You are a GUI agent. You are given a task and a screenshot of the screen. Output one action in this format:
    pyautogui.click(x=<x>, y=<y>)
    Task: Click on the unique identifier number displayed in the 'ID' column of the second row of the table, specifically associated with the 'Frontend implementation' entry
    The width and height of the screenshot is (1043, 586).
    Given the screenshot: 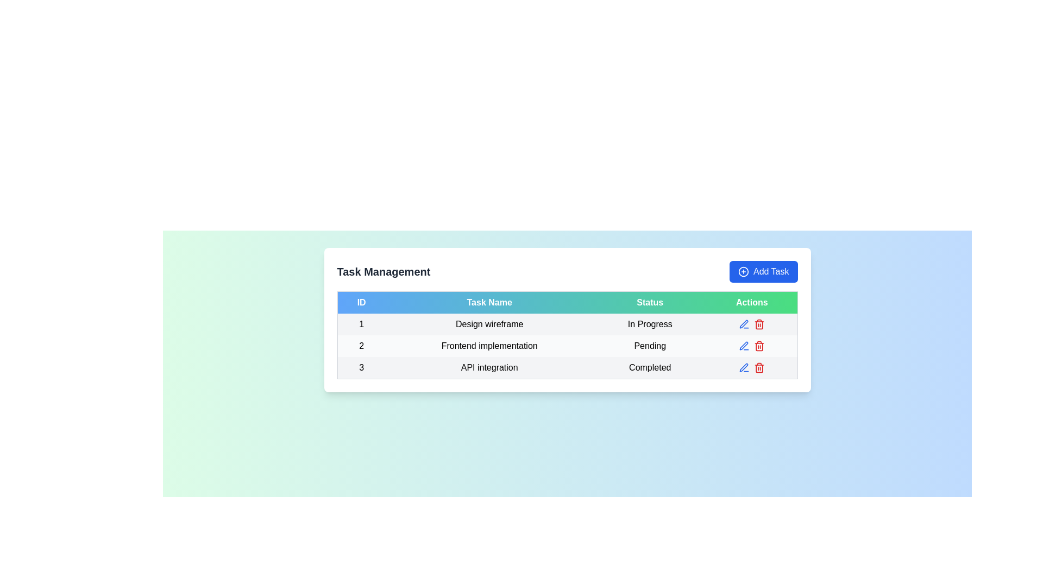 What is the action you would take?
    pyautogui.click(x=361, y=346)
    